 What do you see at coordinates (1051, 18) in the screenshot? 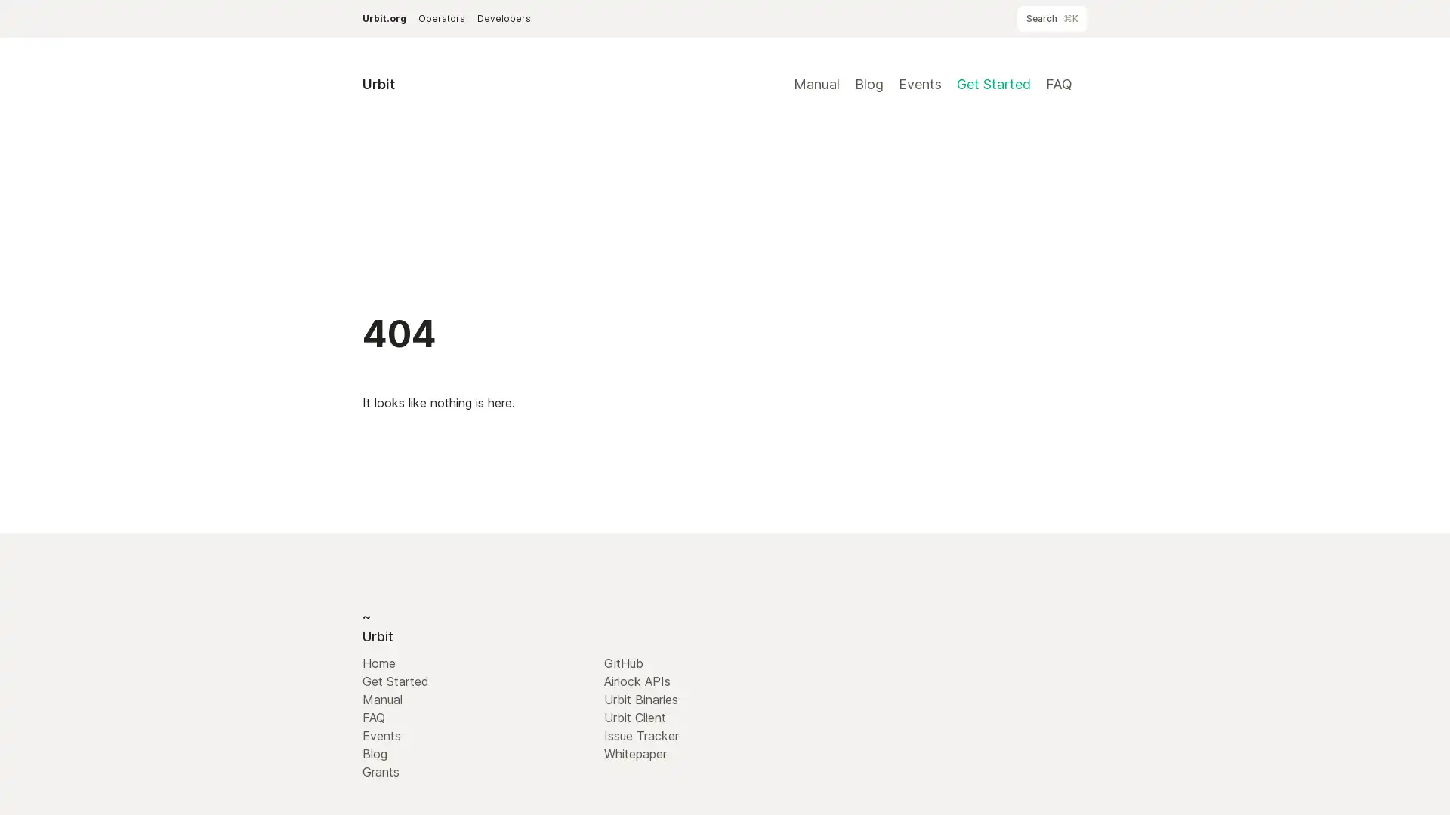
I see `Search K` at bounding box center [1051, 18].